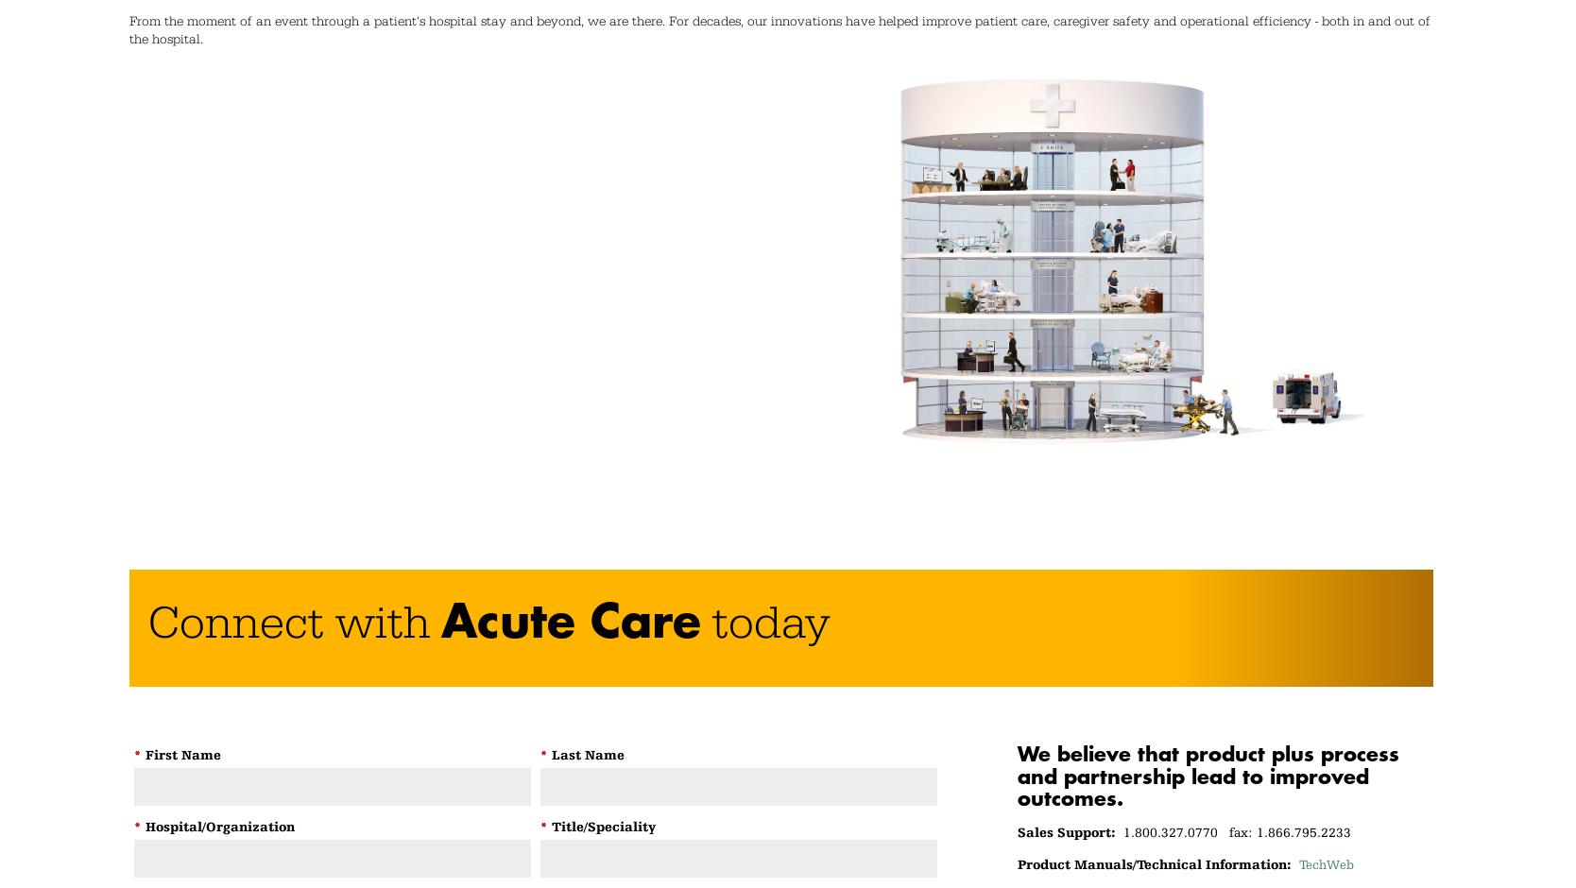  Describe the element at coordinates (587, 755) in the screenshot. I see `'Last Name'` at that location.